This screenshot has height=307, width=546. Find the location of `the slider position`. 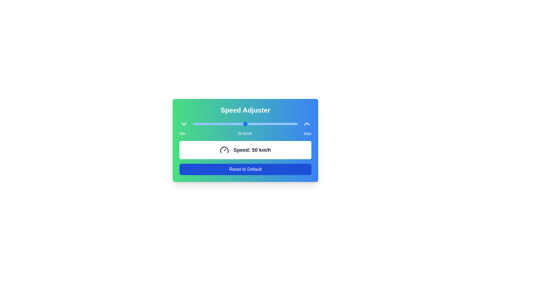

the slider position is located at coordinates (296, 123).